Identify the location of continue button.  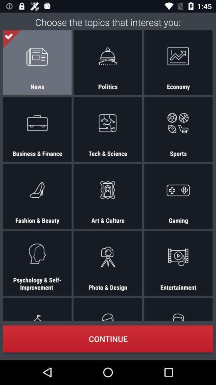
(108, 338).